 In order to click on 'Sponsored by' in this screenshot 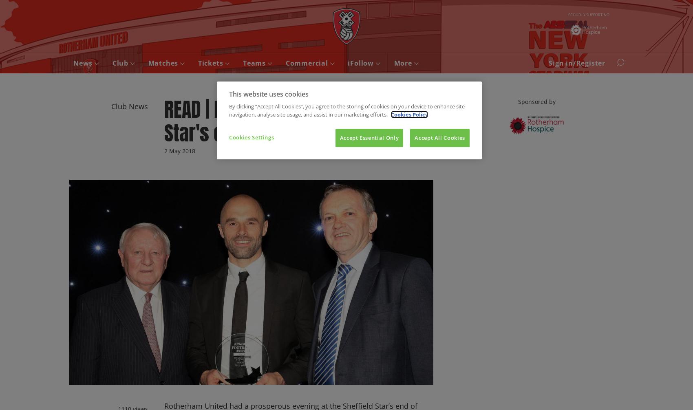, I will do `click(536, 101)`.